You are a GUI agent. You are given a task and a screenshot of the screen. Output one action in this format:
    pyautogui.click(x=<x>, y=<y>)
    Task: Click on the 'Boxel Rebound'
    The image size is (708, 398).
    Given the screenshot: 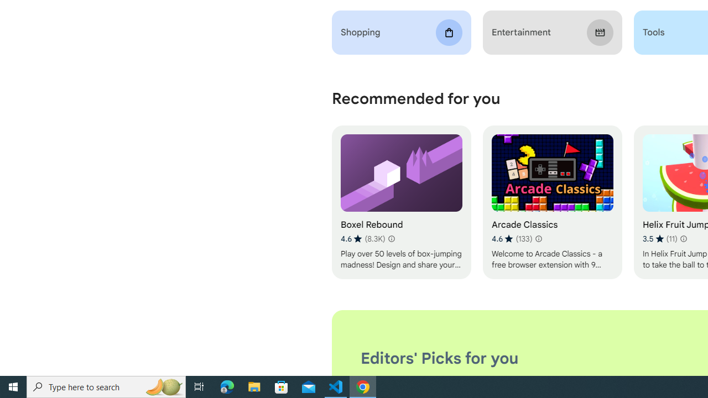 What is the action you would take?
    pyautogui.click(x=400, y=202)
    